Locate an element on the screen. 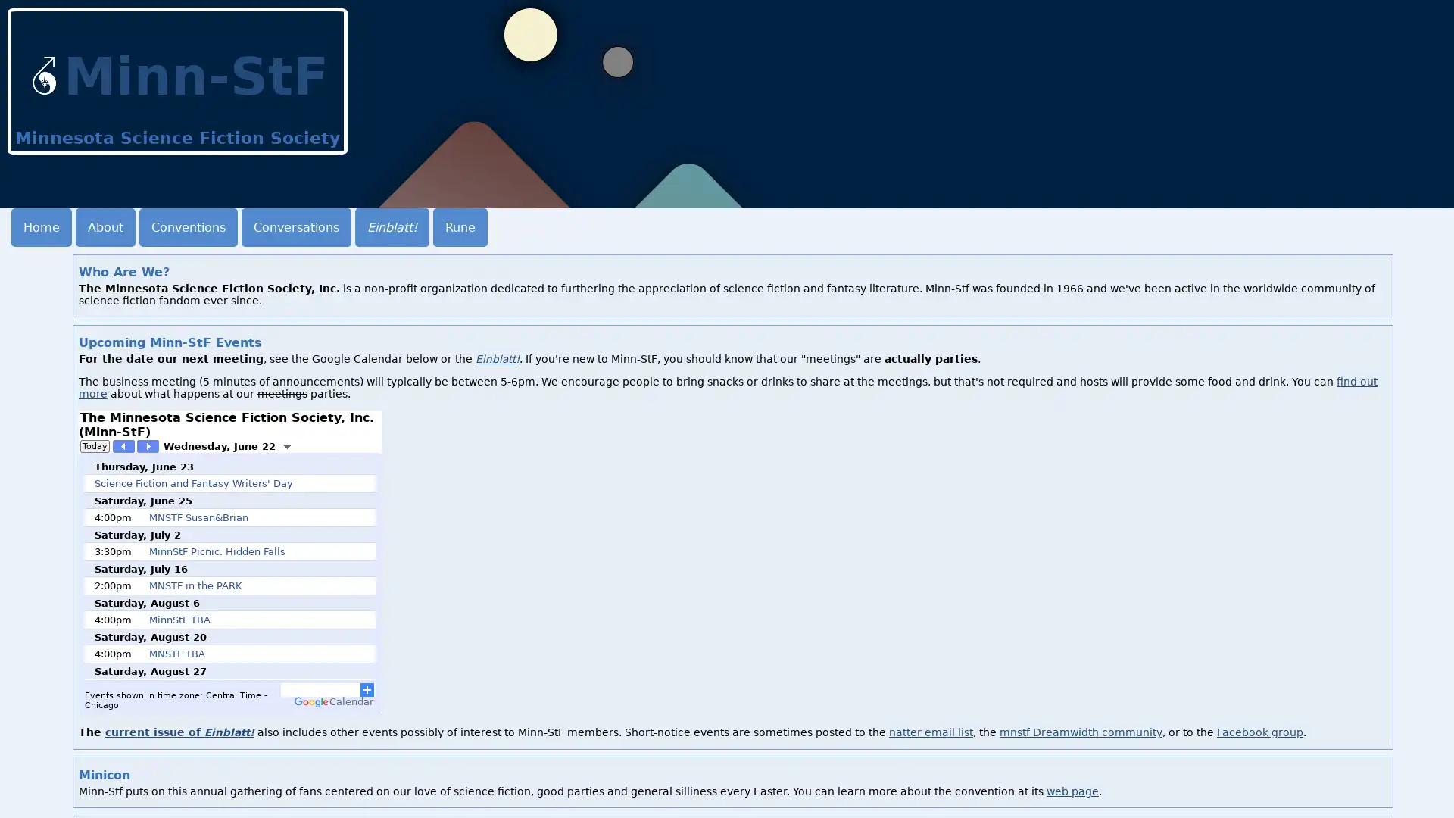  Home is located at coordinates (41, 227).